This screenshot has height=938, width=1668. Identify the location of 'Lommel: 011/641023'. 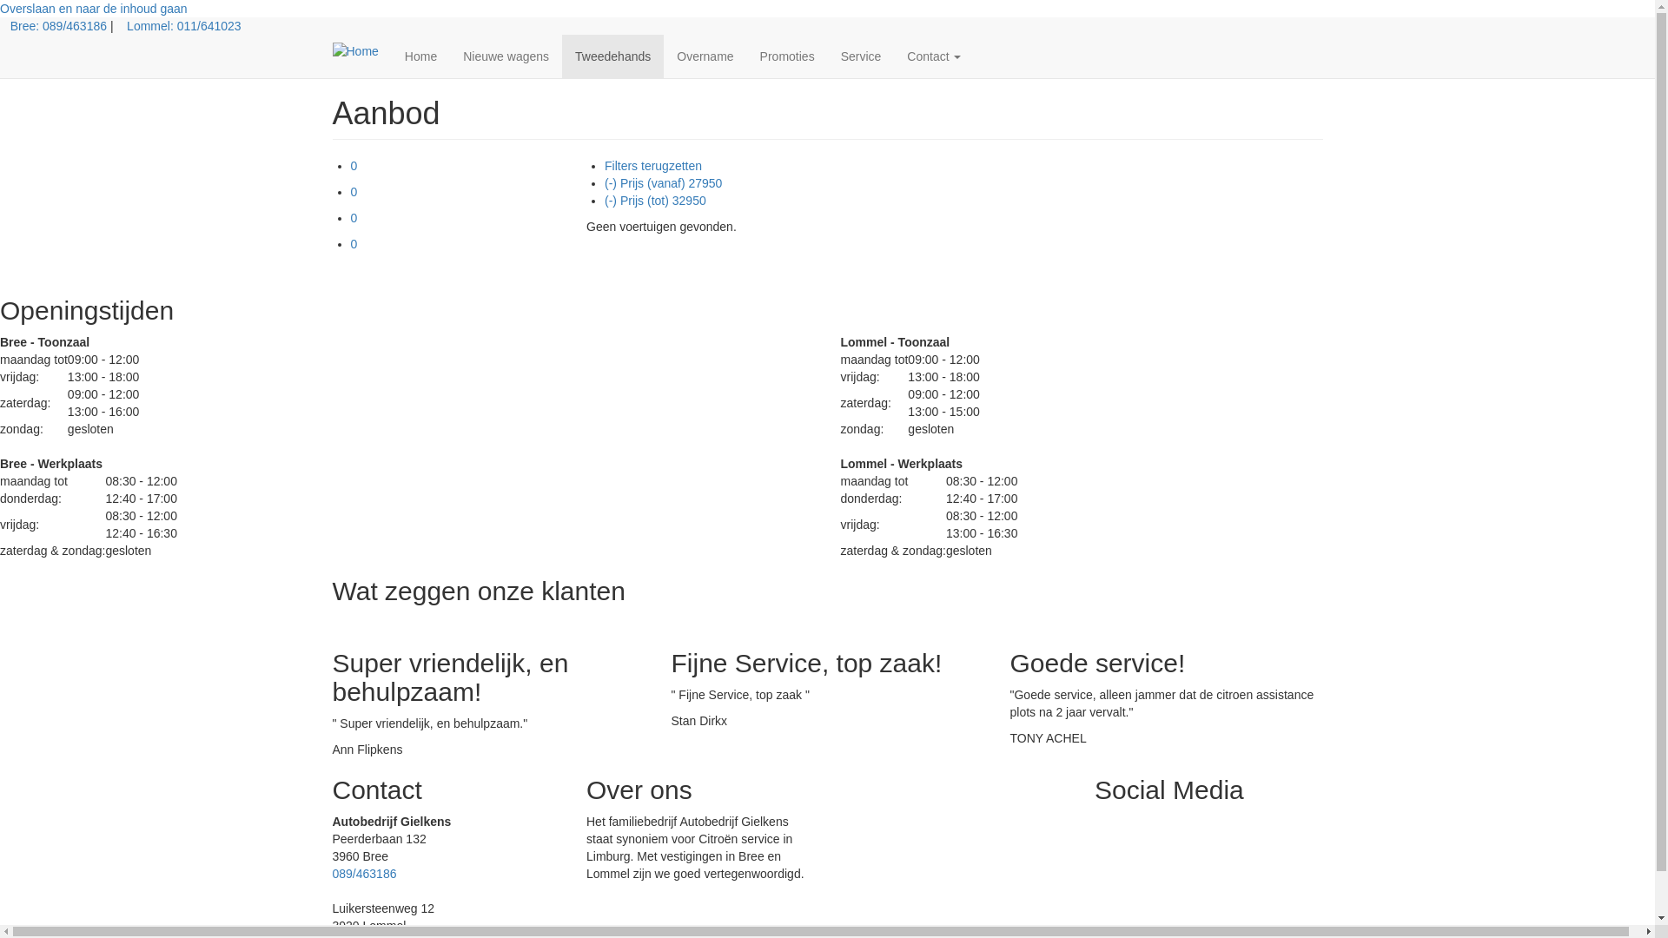
(183, 26).